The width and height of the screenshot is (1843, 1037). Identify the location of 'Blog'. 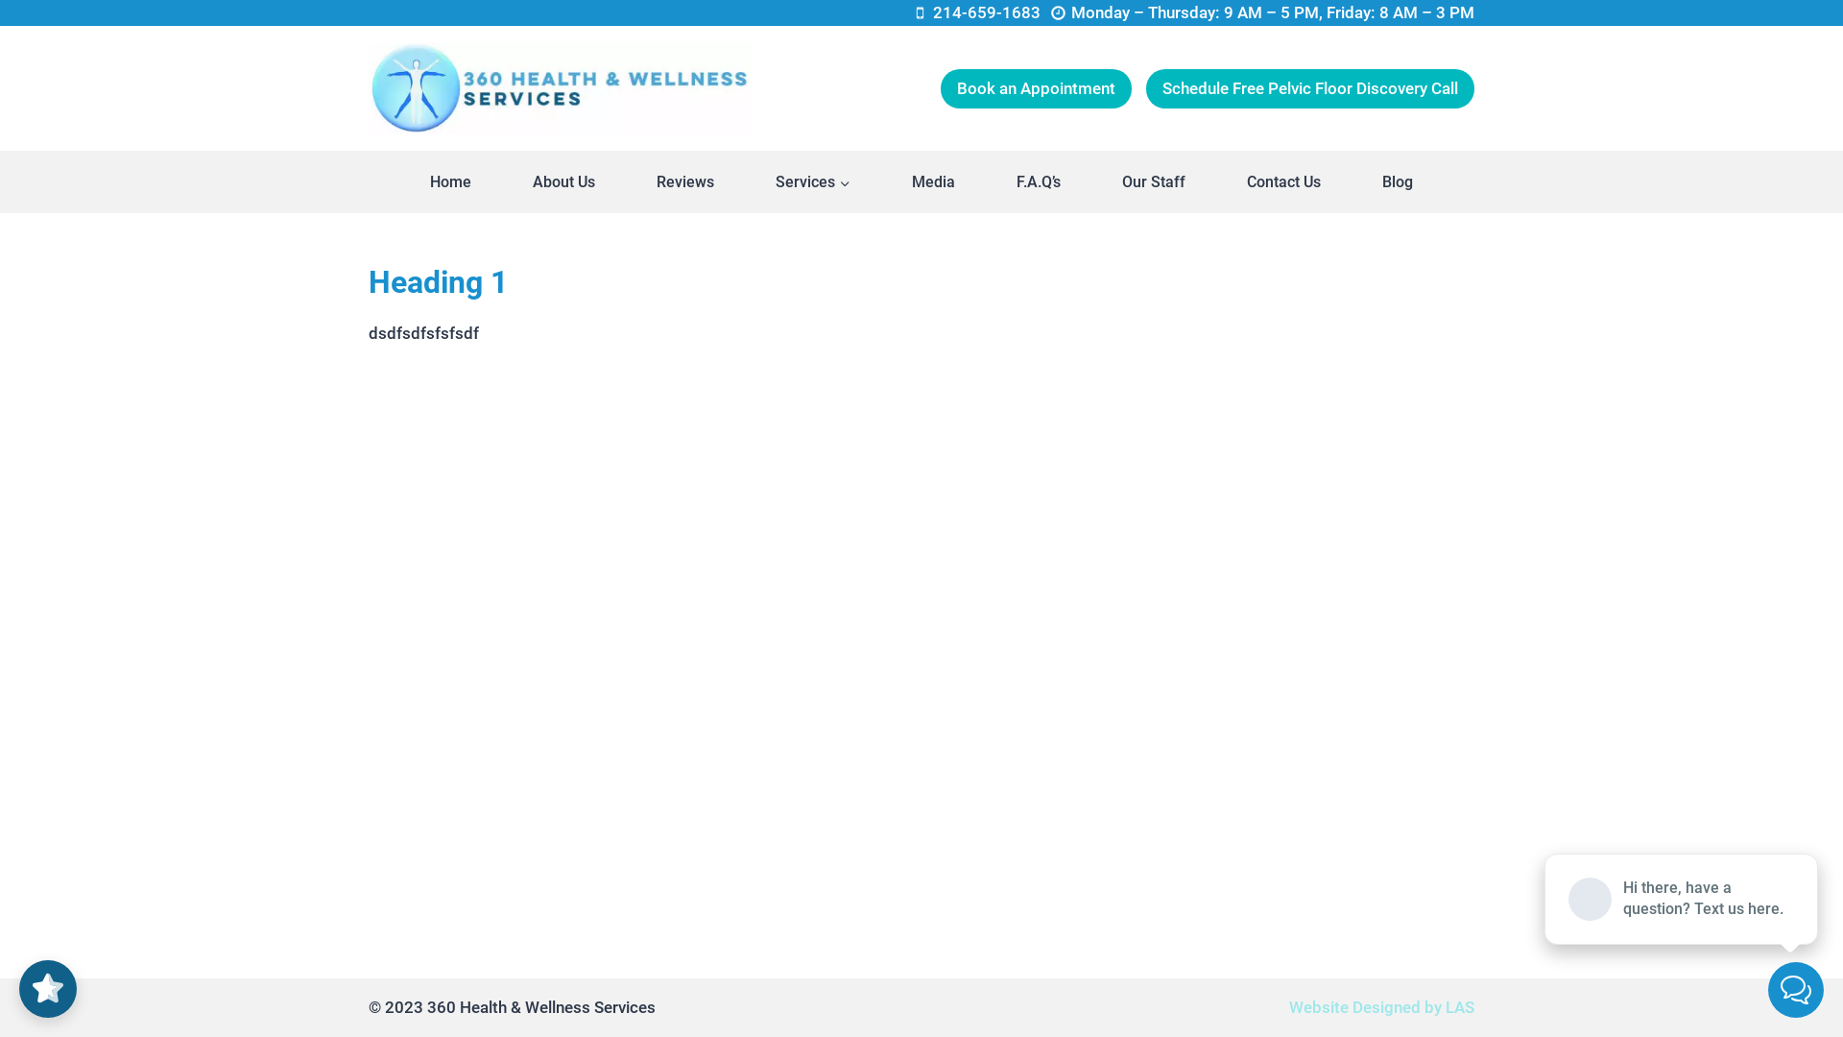
(1397, 181).